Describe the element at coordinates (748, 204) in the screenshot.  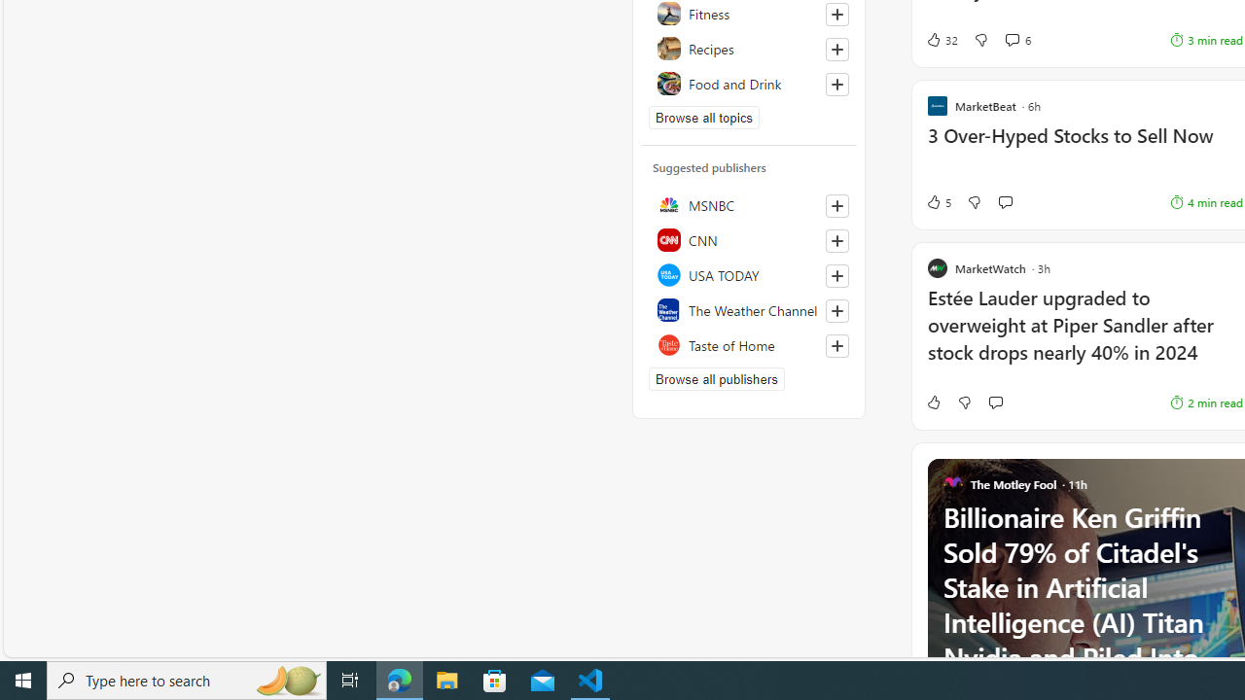
I see `'MSNBC'` at that location.